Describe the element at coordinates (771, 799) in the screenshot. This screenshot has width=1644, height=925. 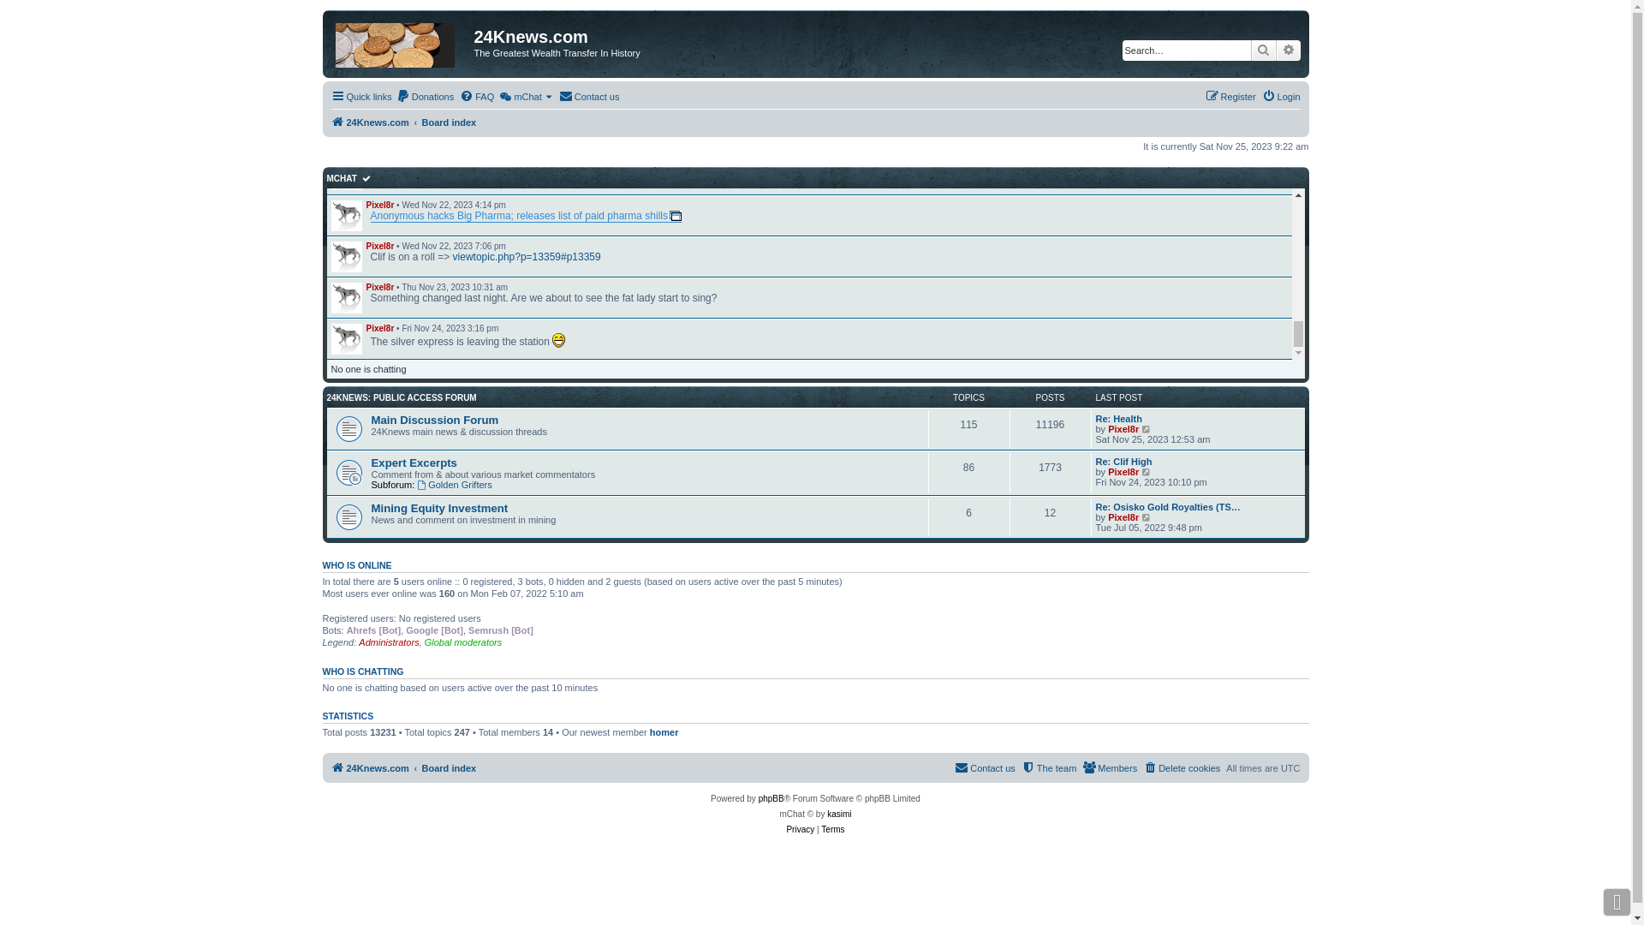
I see `'phpBB'` at that location.